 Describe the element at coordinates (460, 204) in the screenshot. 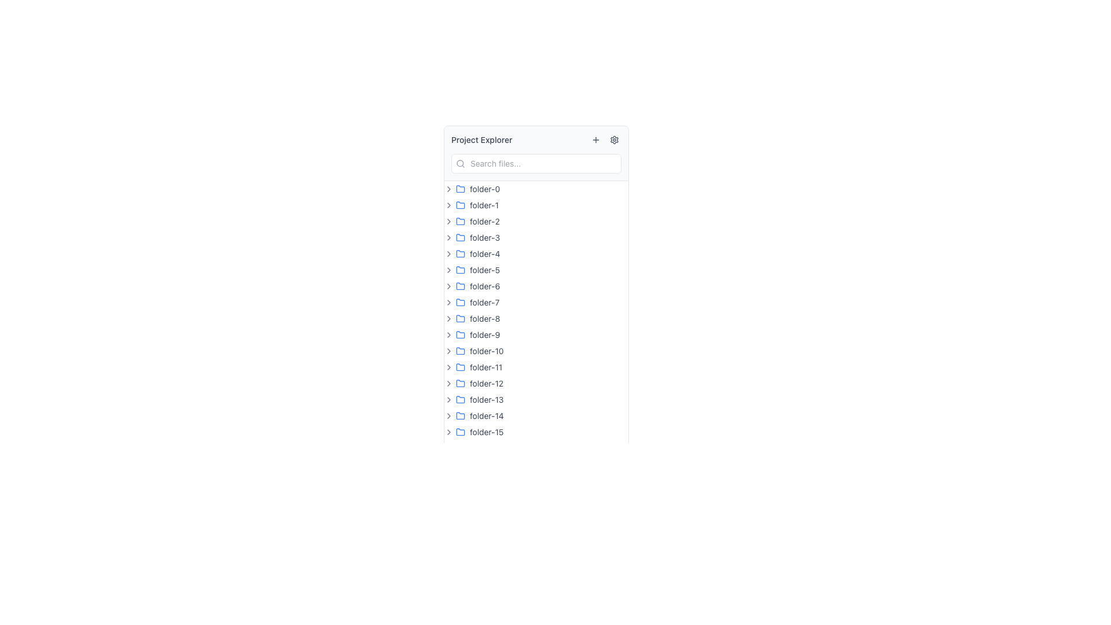

I see `the folder icon representing 'folder-1' in the file explorer` at that location.